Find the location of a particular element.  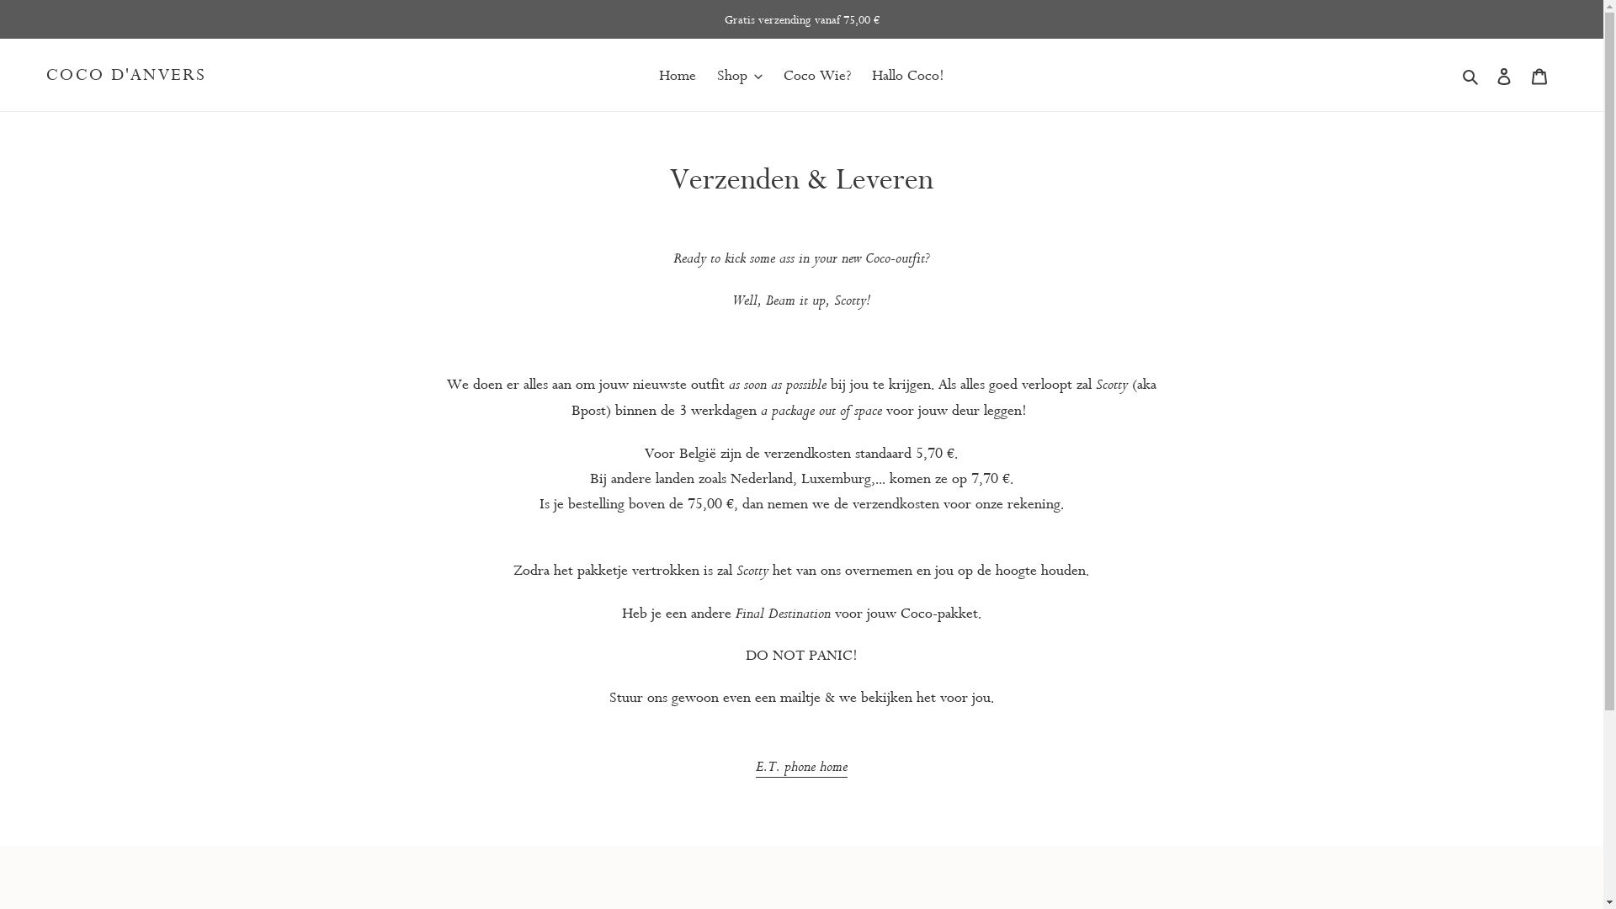

'Winkelwagen' is located at coordinates (1539, 73).